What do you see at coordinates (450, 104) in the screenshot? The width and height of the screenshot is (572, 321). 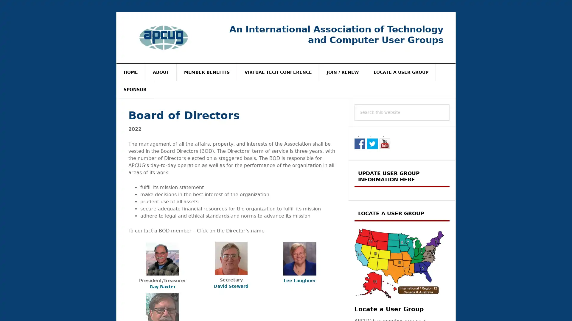 I see `Search` at bounding box center [450, 104].